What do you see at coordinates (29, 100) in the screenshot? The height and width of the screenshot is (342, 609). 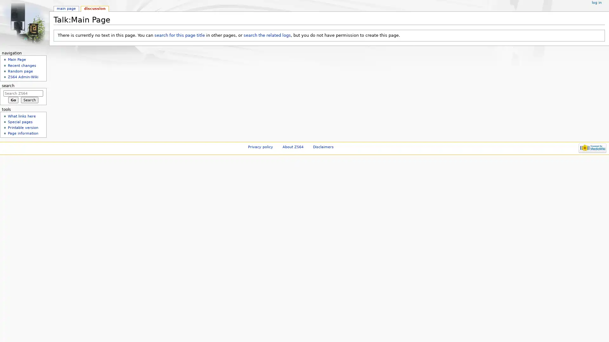 I see `Search` at bounding box center [29, 100].